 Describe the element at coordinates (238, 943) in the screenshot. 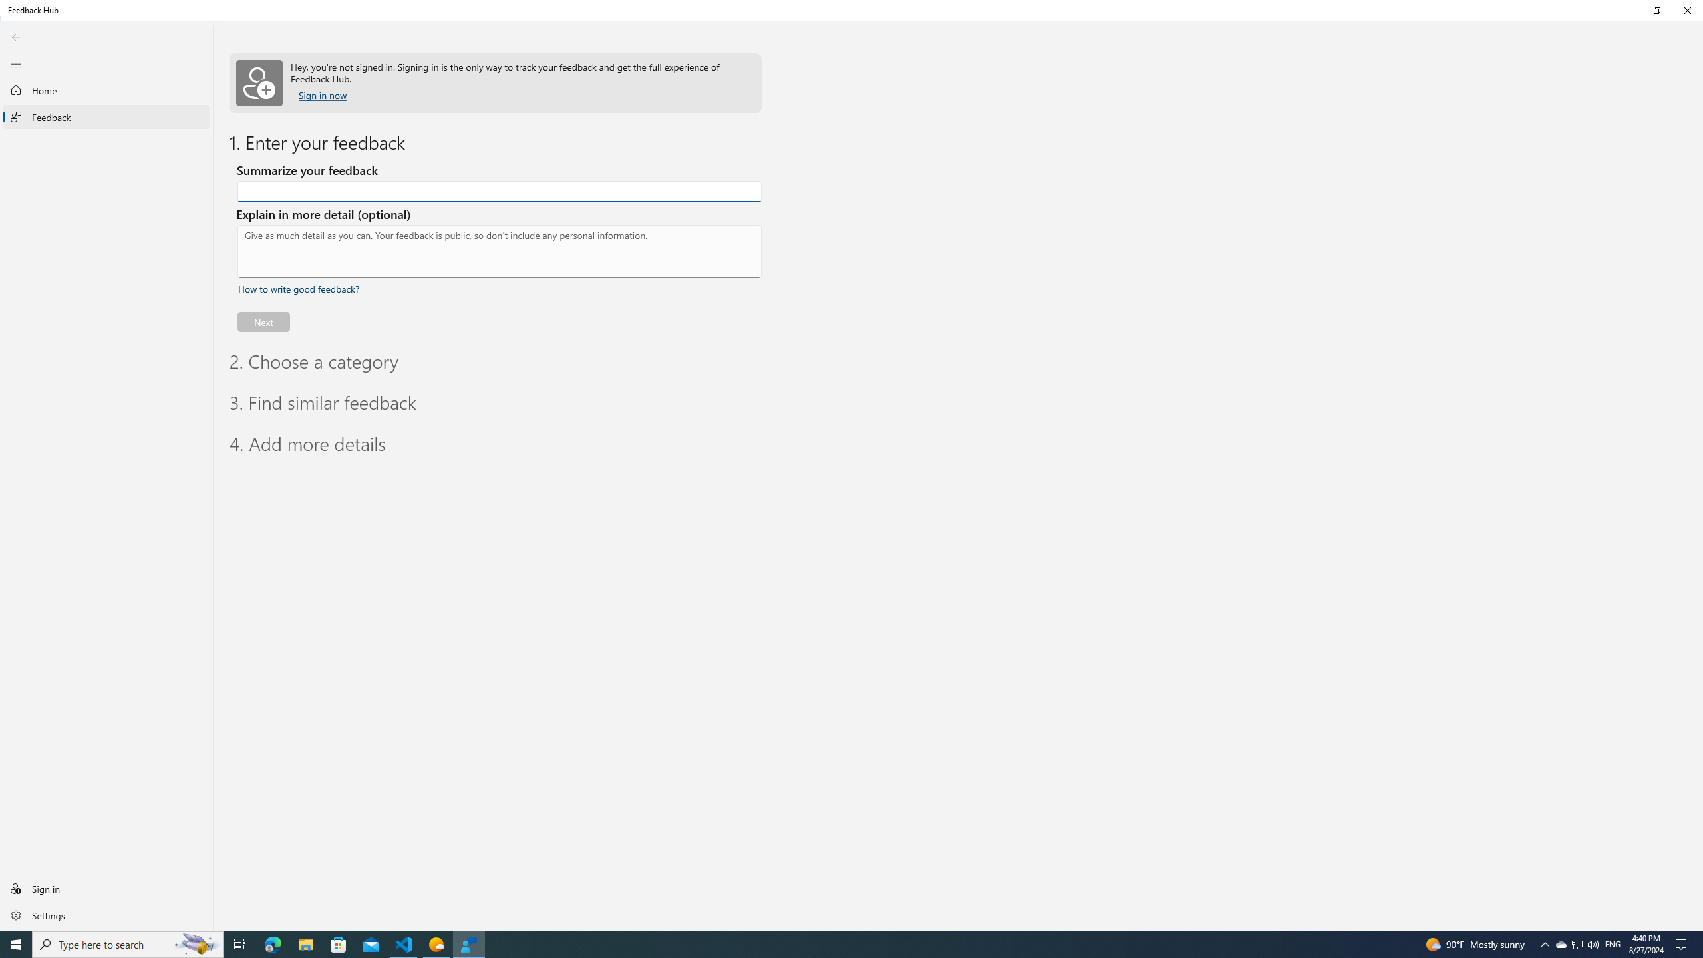

I see `'Task View'` at that location.